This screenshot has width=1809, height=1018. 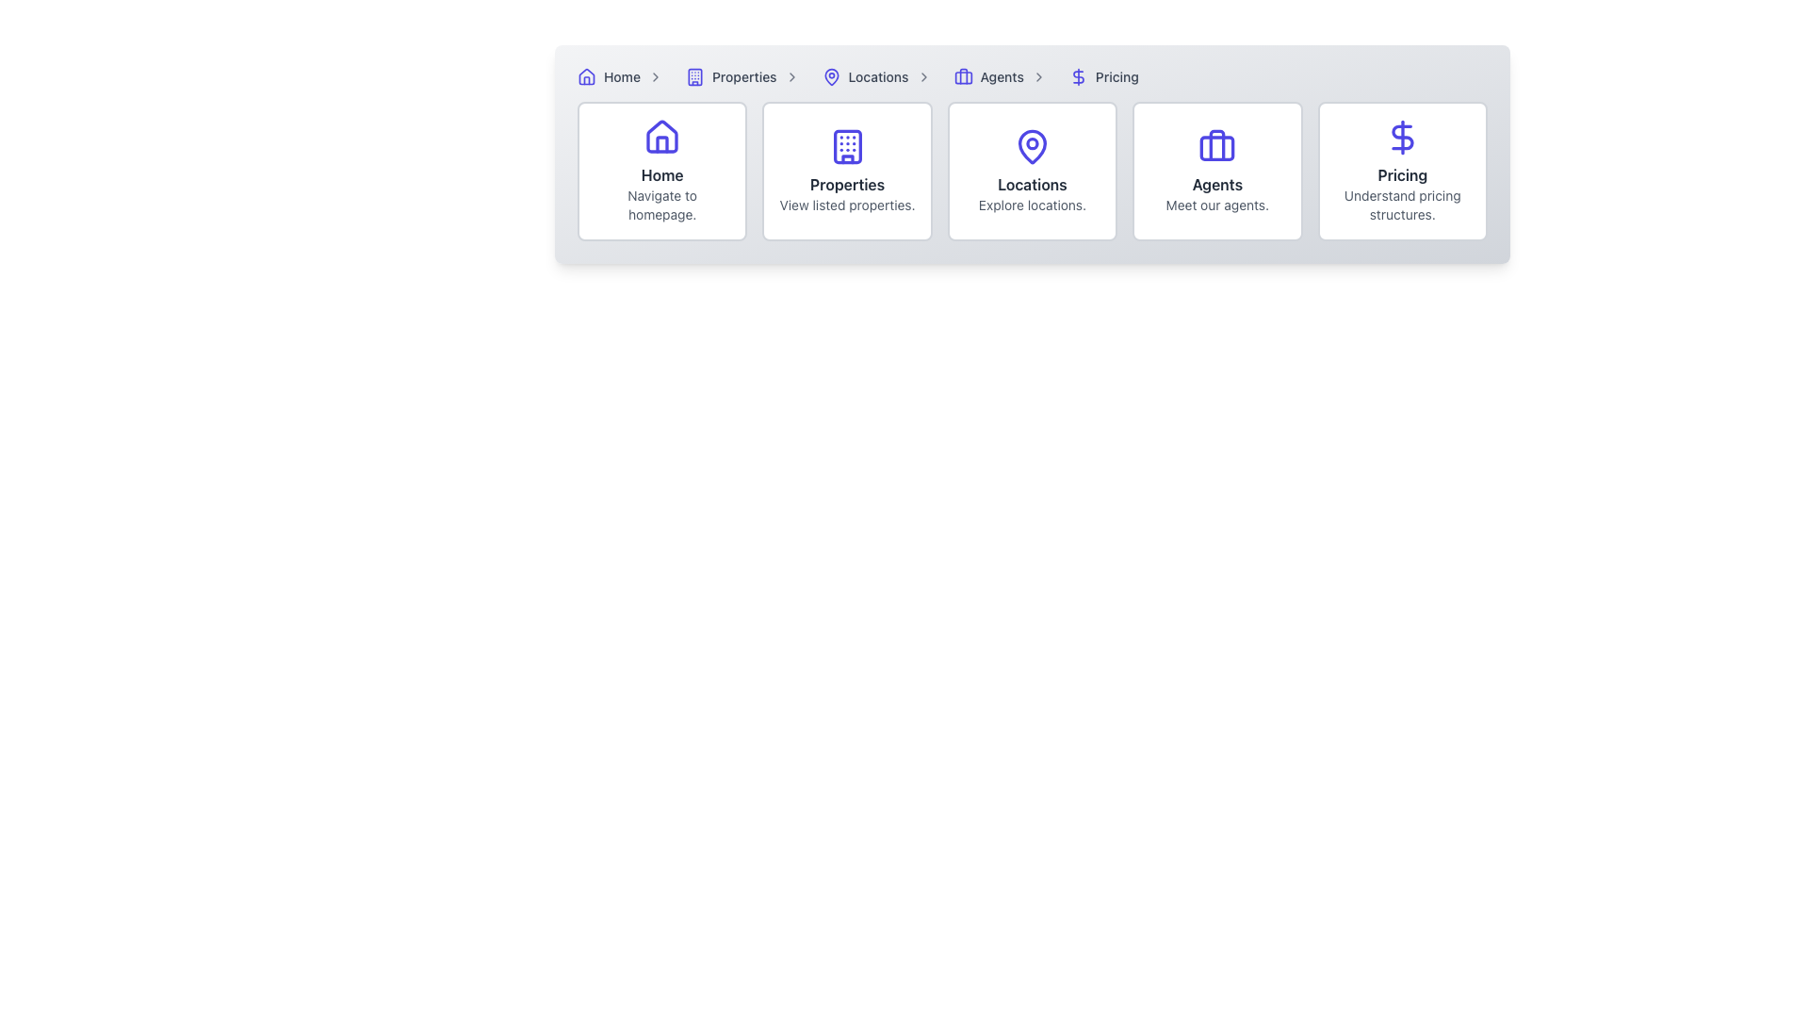 I want to click on the 'Locations' navigation link in the breadcrumb navigation system, so click(x=877, y=75).